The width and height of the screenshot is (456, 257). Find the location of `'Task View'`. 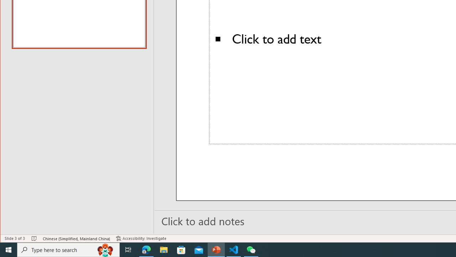

'Task View' is located at coordinates (128, 249).